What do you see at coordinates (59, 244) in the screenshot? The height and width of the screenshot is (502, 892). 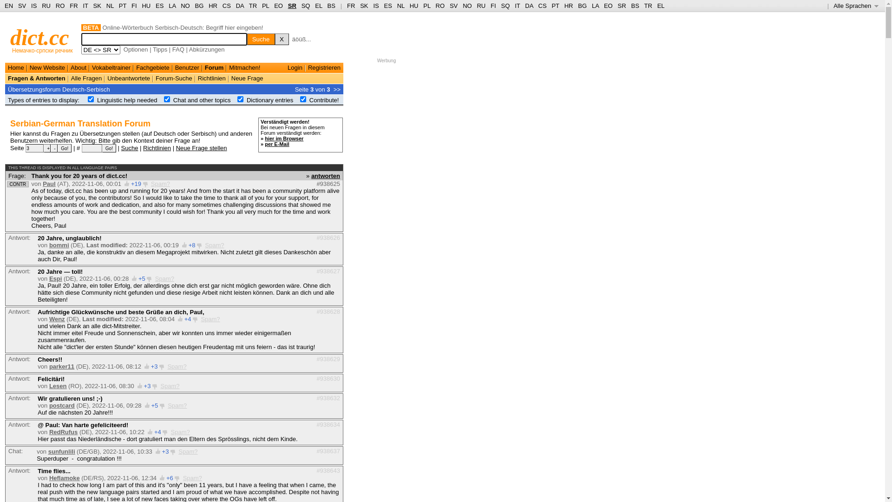 I see `'bommi'` at bounding box center [59, 244].